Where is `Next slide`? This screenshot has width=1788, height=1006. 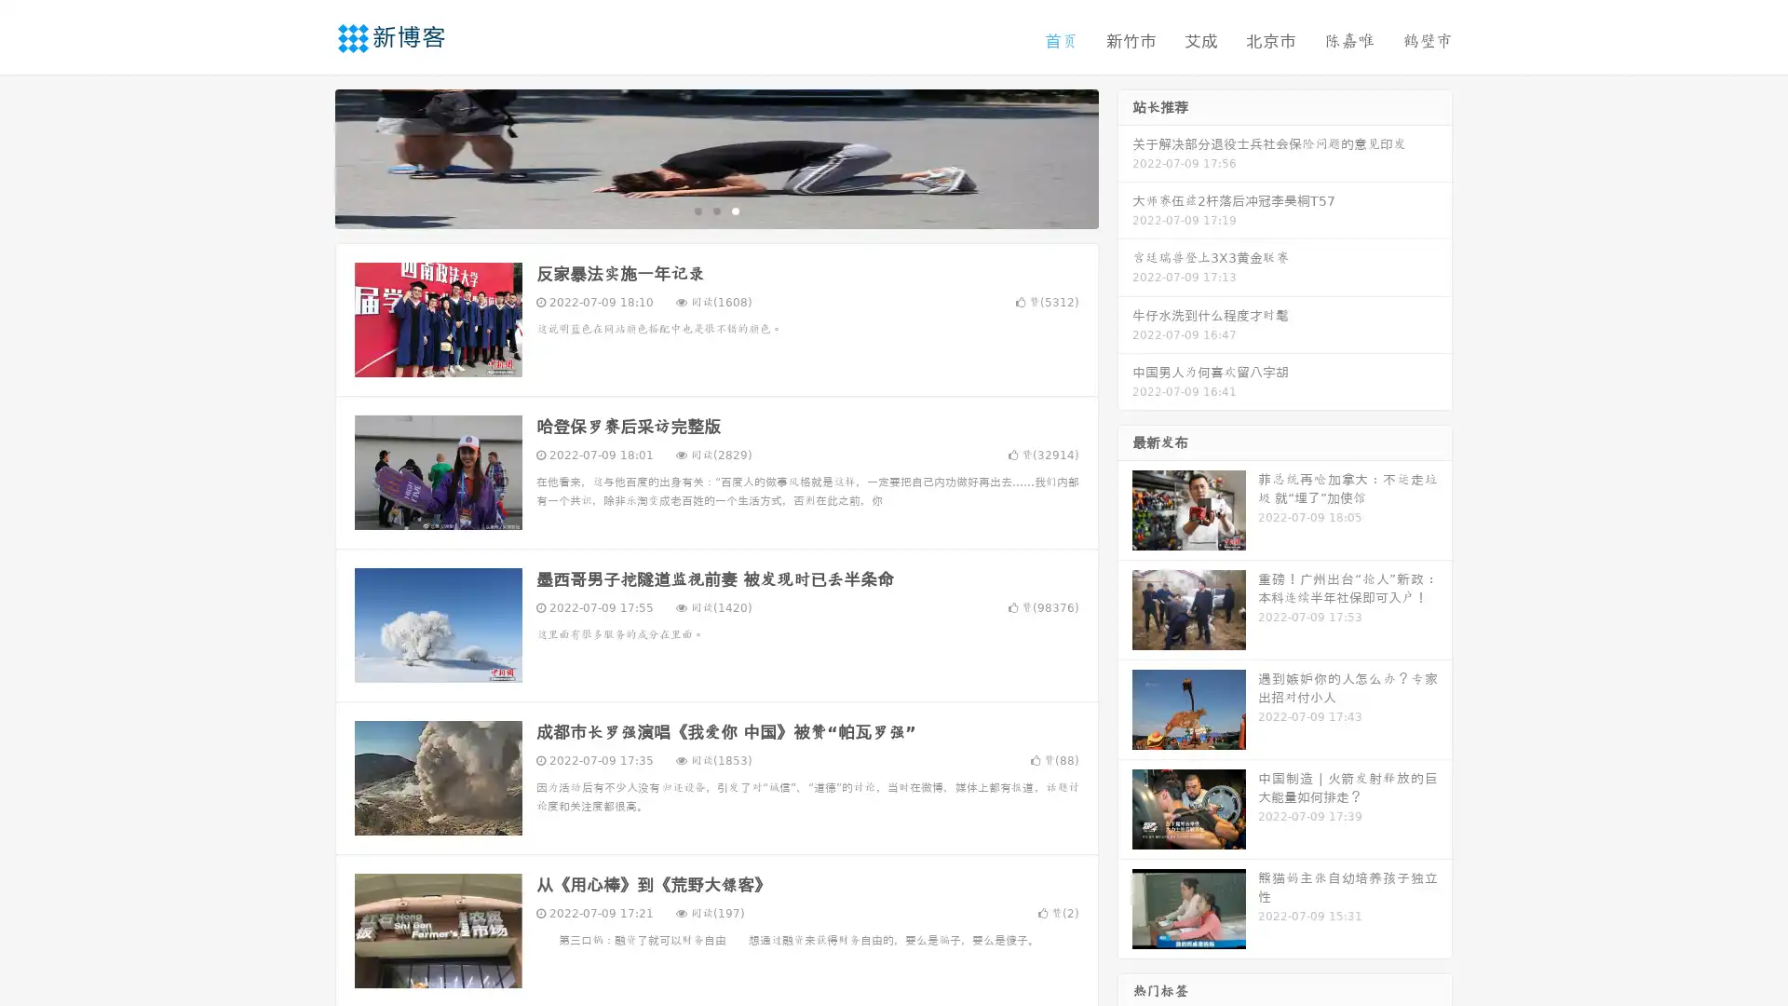
Next slide is located at coordinates (1125, 156).